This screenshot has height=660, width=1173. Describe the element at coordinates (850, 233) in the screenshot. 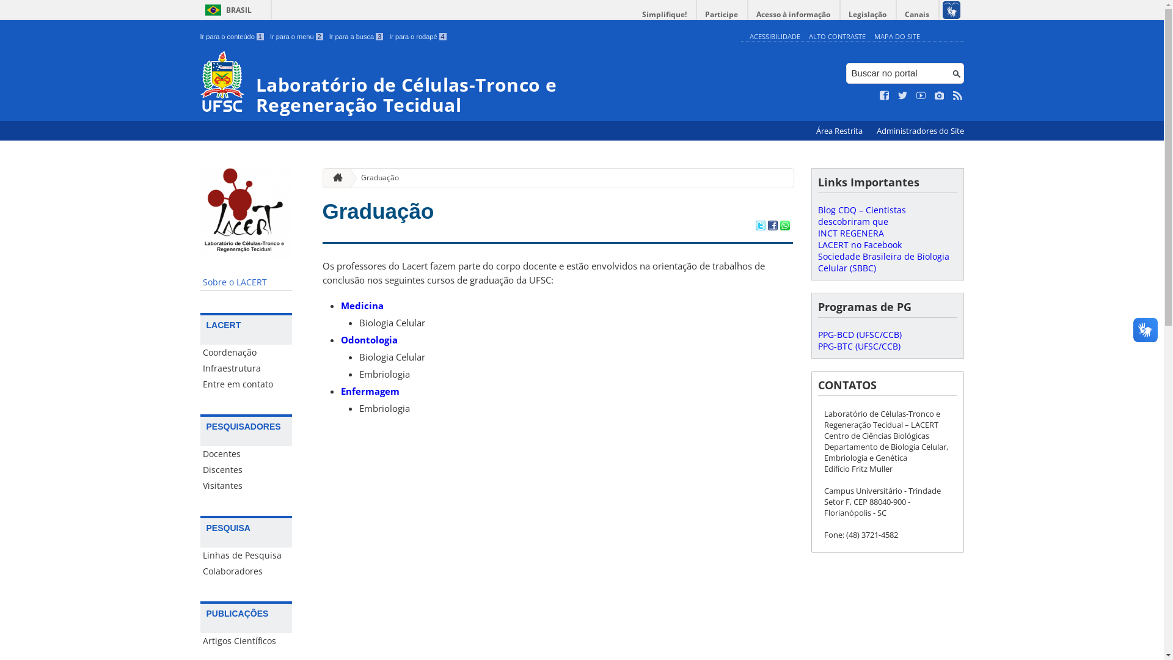

I see `'INCT REGENERA'` at that location.